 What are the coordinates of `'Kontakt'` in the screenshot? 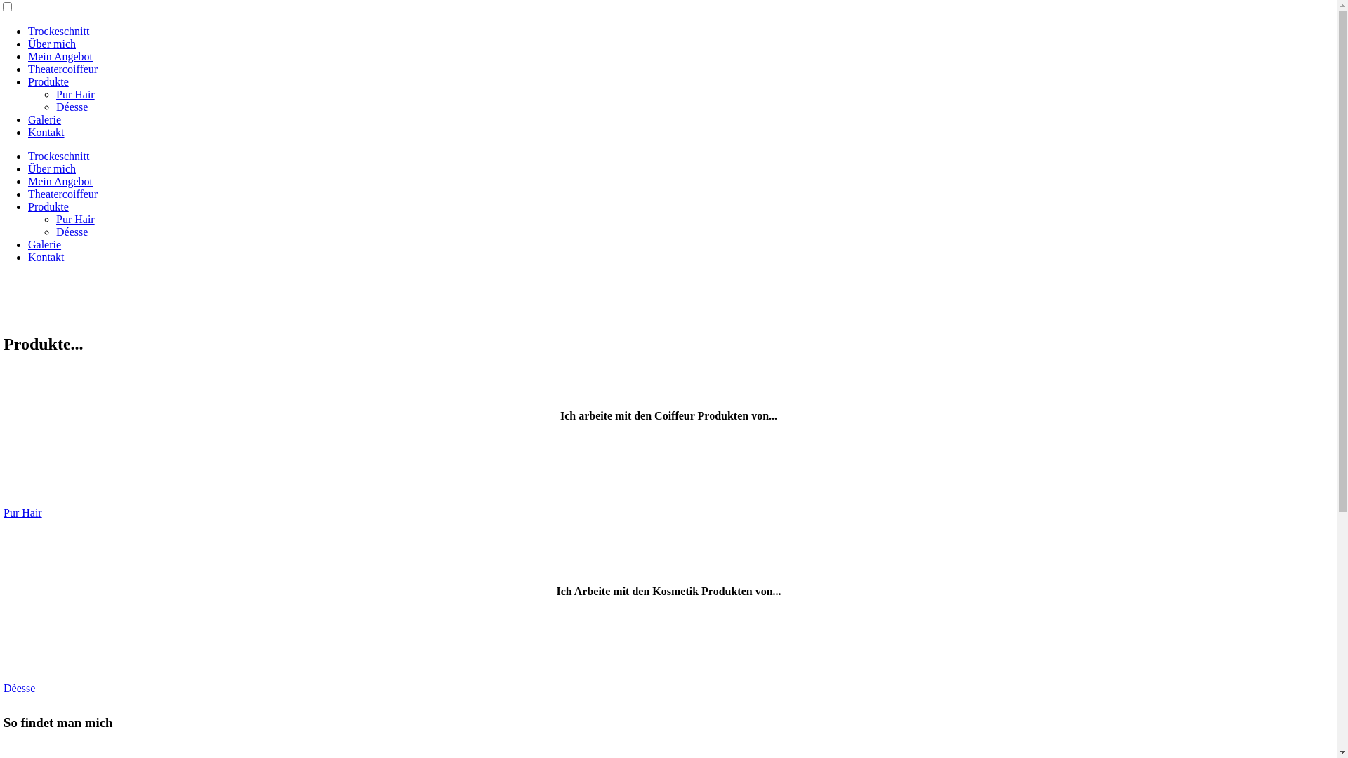 It's located at (46, 257).